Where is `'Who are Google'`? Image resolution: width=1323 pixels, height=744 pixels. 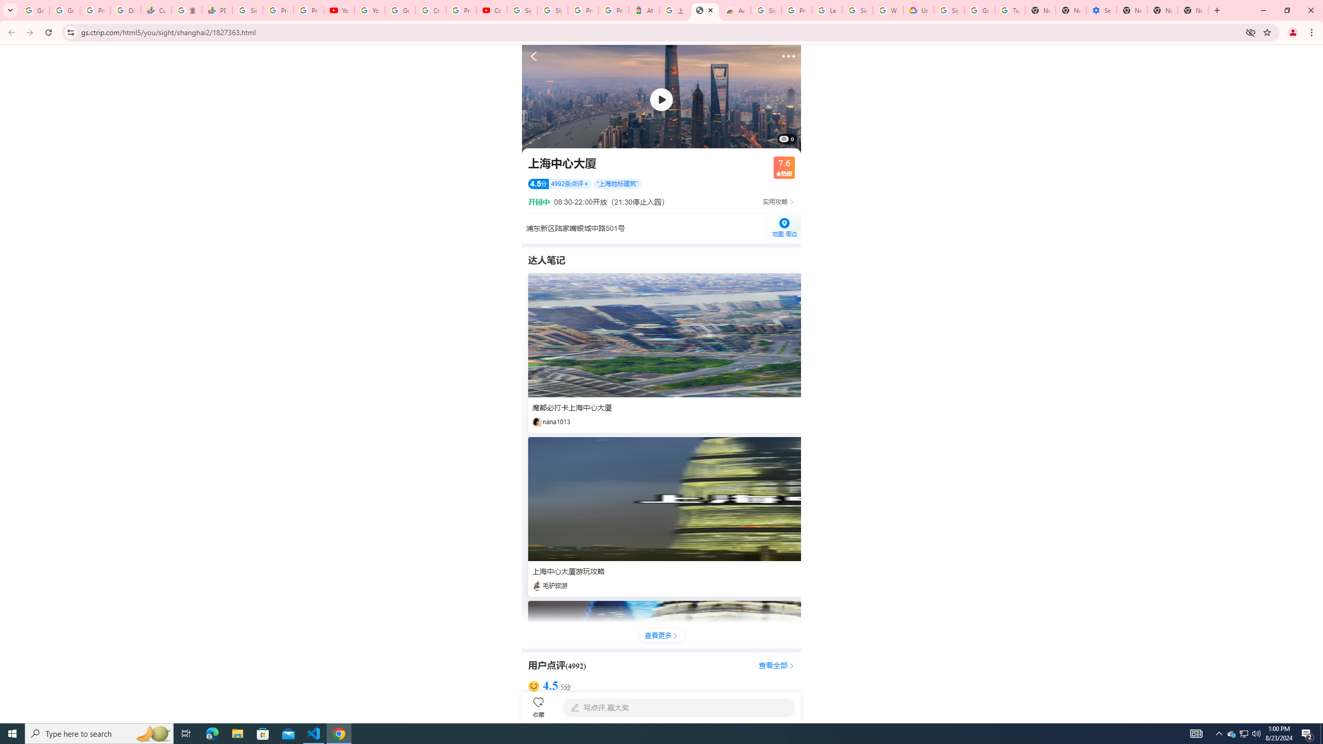
'Who are Google' is located at coordinates (887, 10).